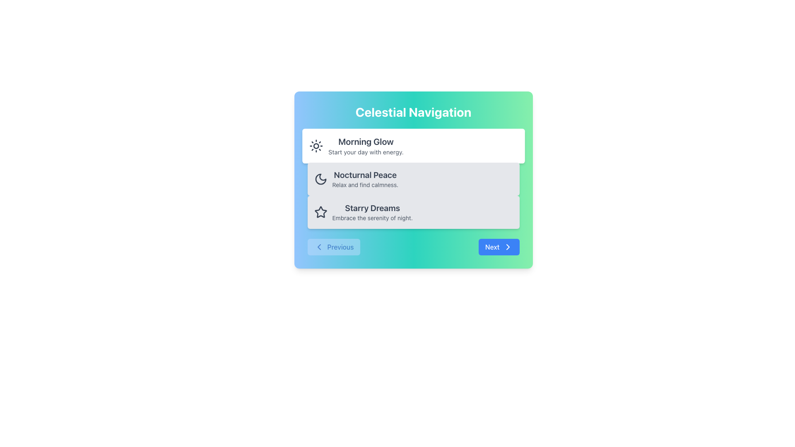  Describe the element at coordinates (507, 247) in the screenshot. I see `the chevron icon located to the right side of the 'Next' button in the bottom-right corner of the card, which serves as a directional indicator for progression or navigation` at that location.